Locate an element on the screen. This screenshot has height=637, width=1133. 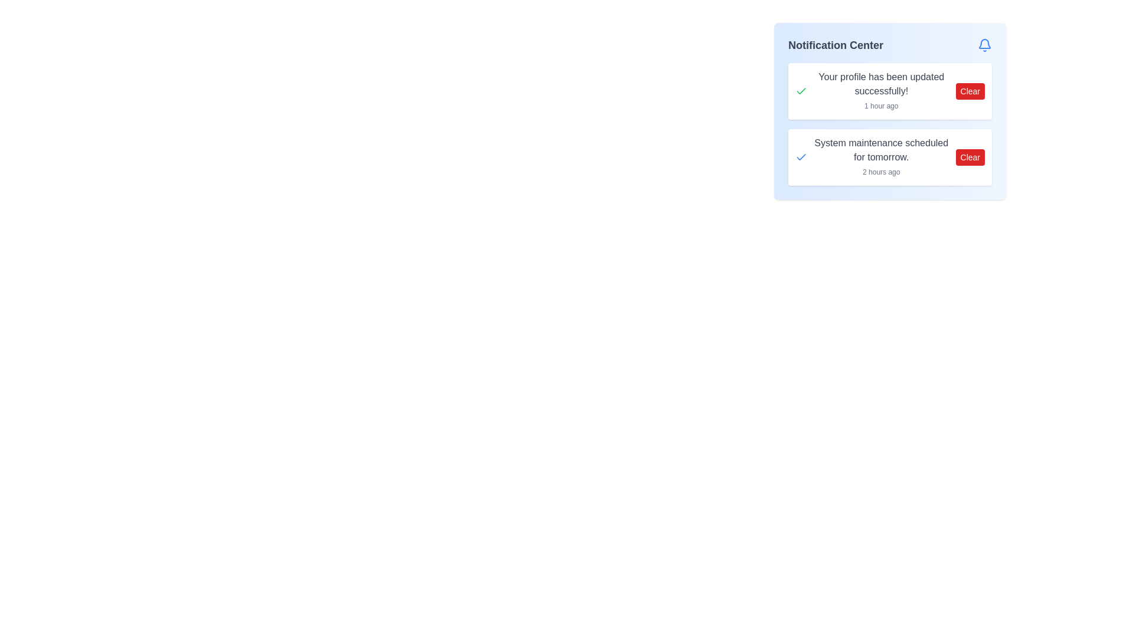
the green checkmark icon that indicates a completed status, located to the left of the notification text about the successful profile update is located at coordinates (801, 90).